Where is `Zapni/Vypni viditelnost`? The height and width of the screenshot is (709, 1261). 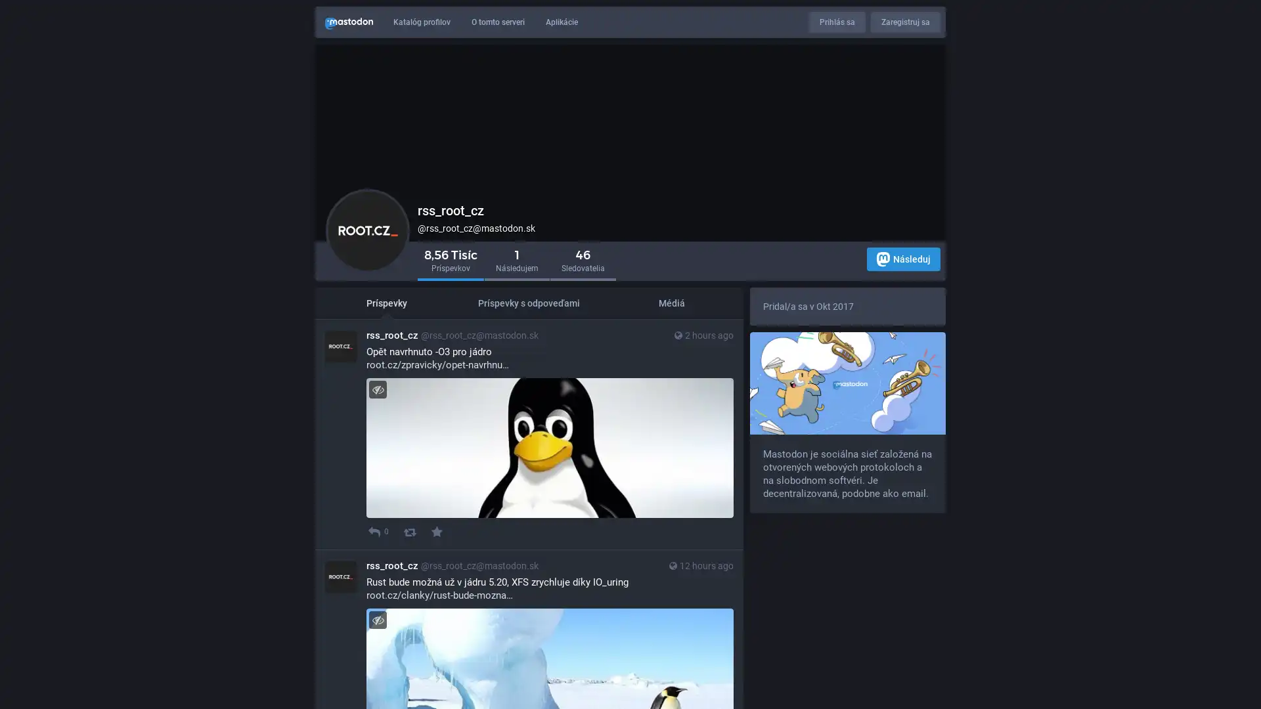
Zapni/Vypni viditelnost is located at coordinates (377, 685).